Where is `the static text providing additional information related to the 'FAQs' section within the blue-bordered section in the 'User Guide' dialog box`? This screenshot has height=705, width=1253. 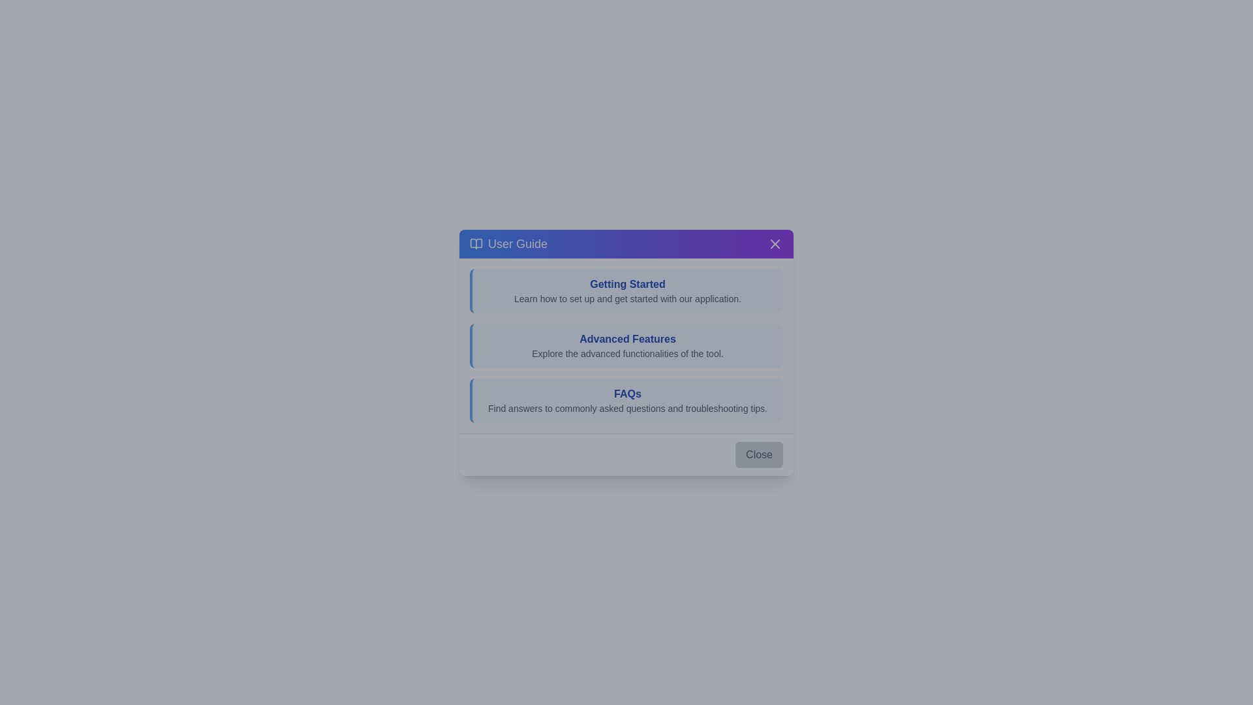 the static text providing additional information related to the 'FAQs' section within the blue-bordered section in the 'User Guide' dialog box is located at coordinates (627, 407).